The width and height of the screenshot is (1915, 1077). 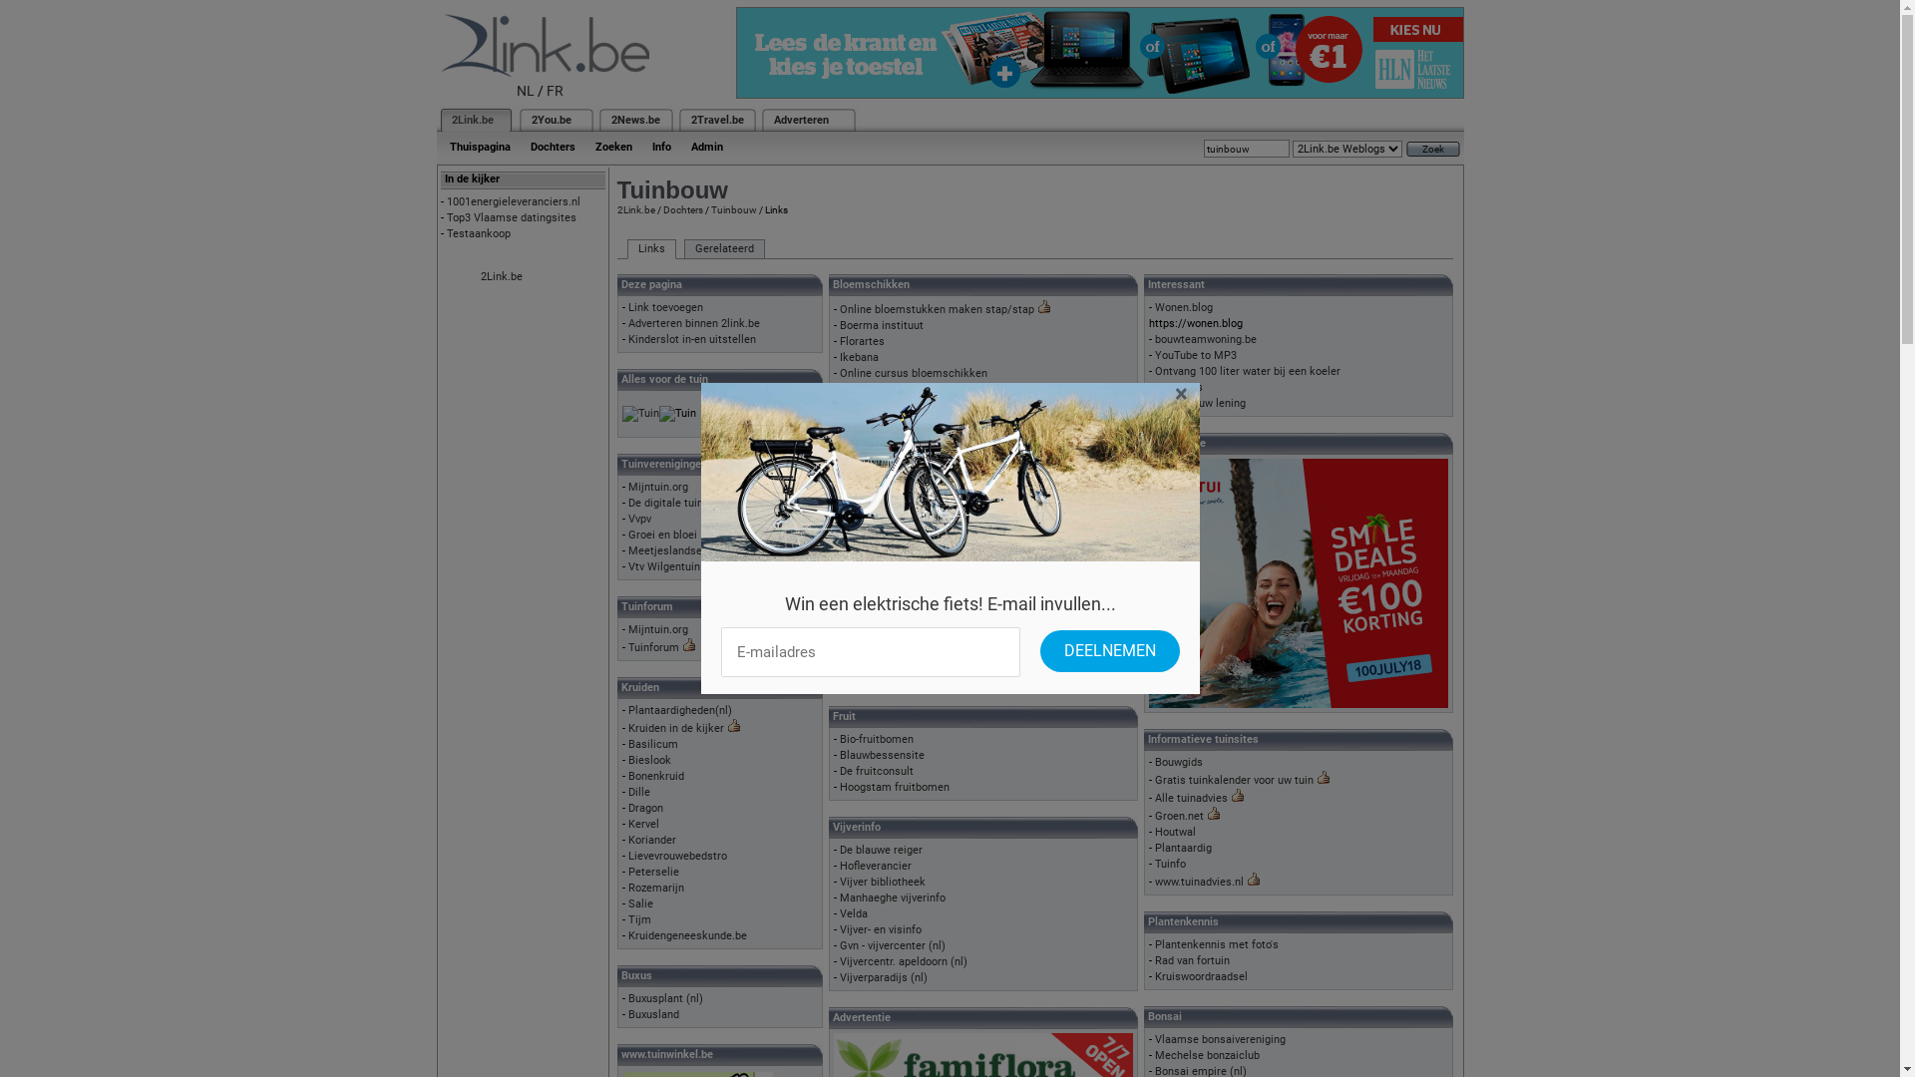 What do you see at coordinates (1431, 148) in the screenshot?
I see `'Zoek'` at bounding box center [1431, 148].